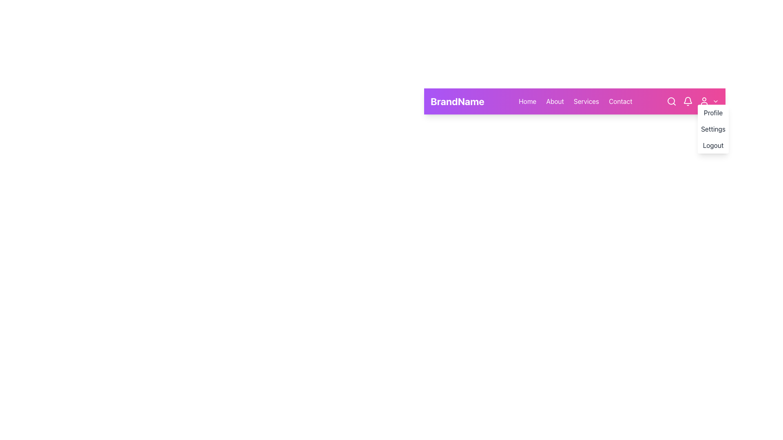 The height and width of the screenshot is (440, 783). Describe the element at coordinates (713, 128) in the screenshot. I see `the second item of the dropdown menu located in the top-right corner of the interface, which is labeled 'Settings' and is part of a navigation bar` at that location.